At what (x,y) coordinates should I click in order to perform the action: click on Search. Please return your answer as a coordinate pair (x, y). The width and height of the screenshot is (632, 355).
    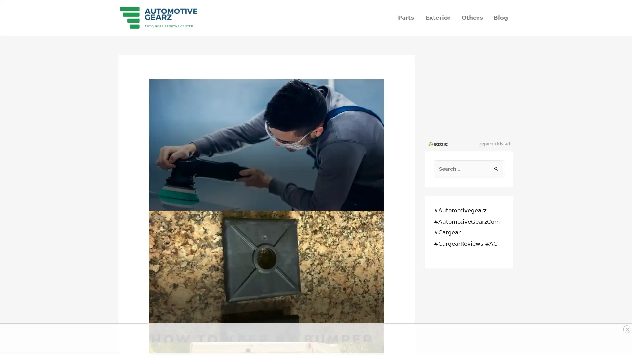
    Looking at the image, I should click on (497, 167).